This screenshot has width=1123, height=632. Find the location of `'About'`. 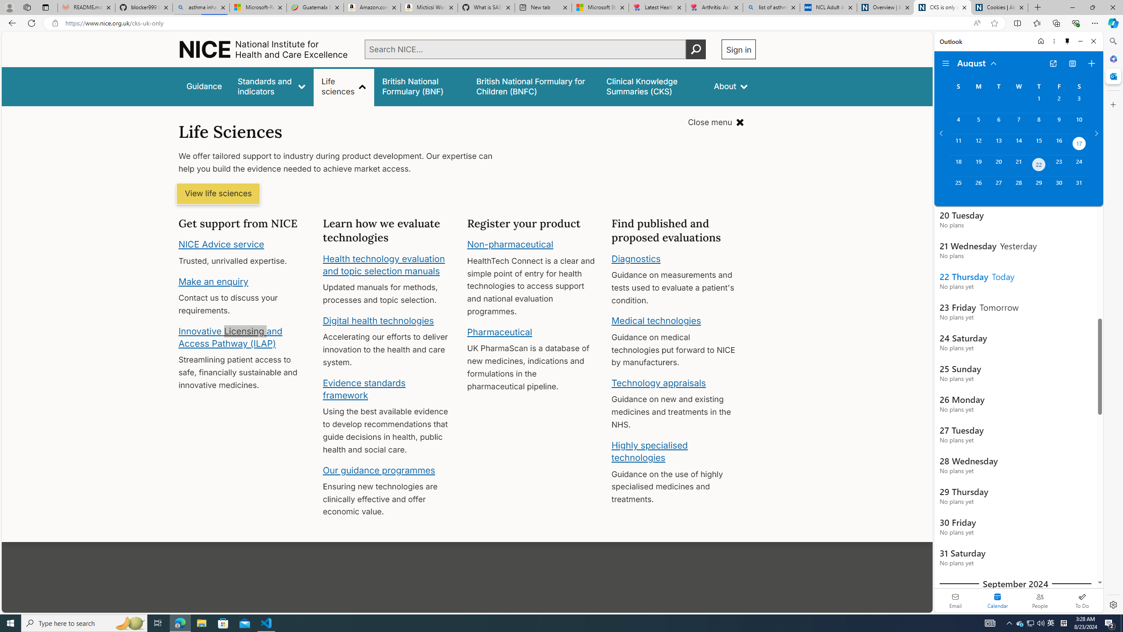

'About' is located at coordinates (731, 86).